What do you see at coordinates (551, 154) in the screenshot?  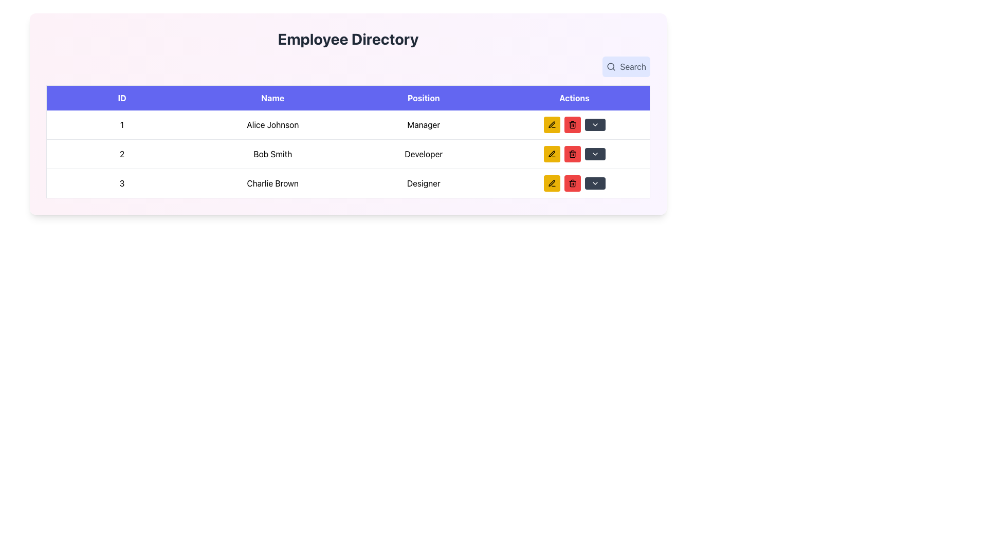 I see `the pen icon button with a yellow background located` at bounding box center [551, 154].